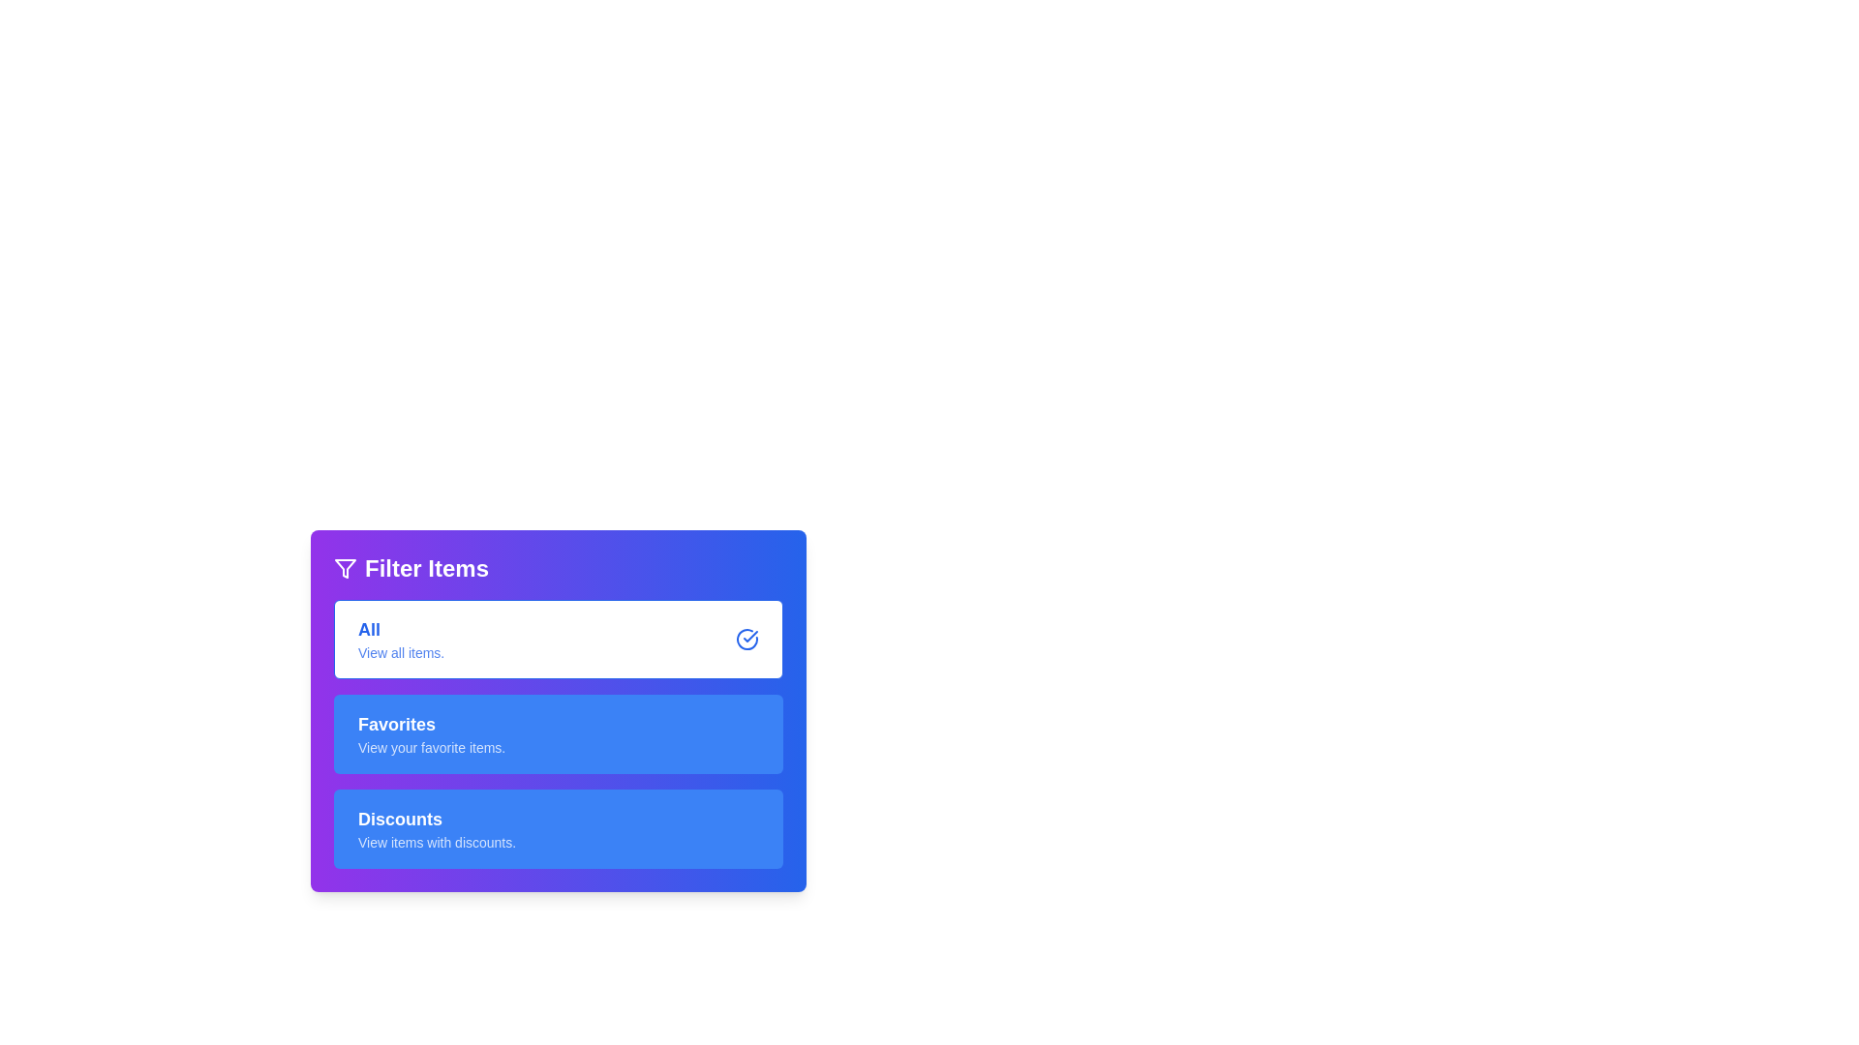 Image resolution: width=1859 pixels, height=1045 pixels. Describe the element at coordinates (557, 734) in the screenshot. I see `the blue rectangular button labeled 'Favorites' to trigger a visual effect` at that location.